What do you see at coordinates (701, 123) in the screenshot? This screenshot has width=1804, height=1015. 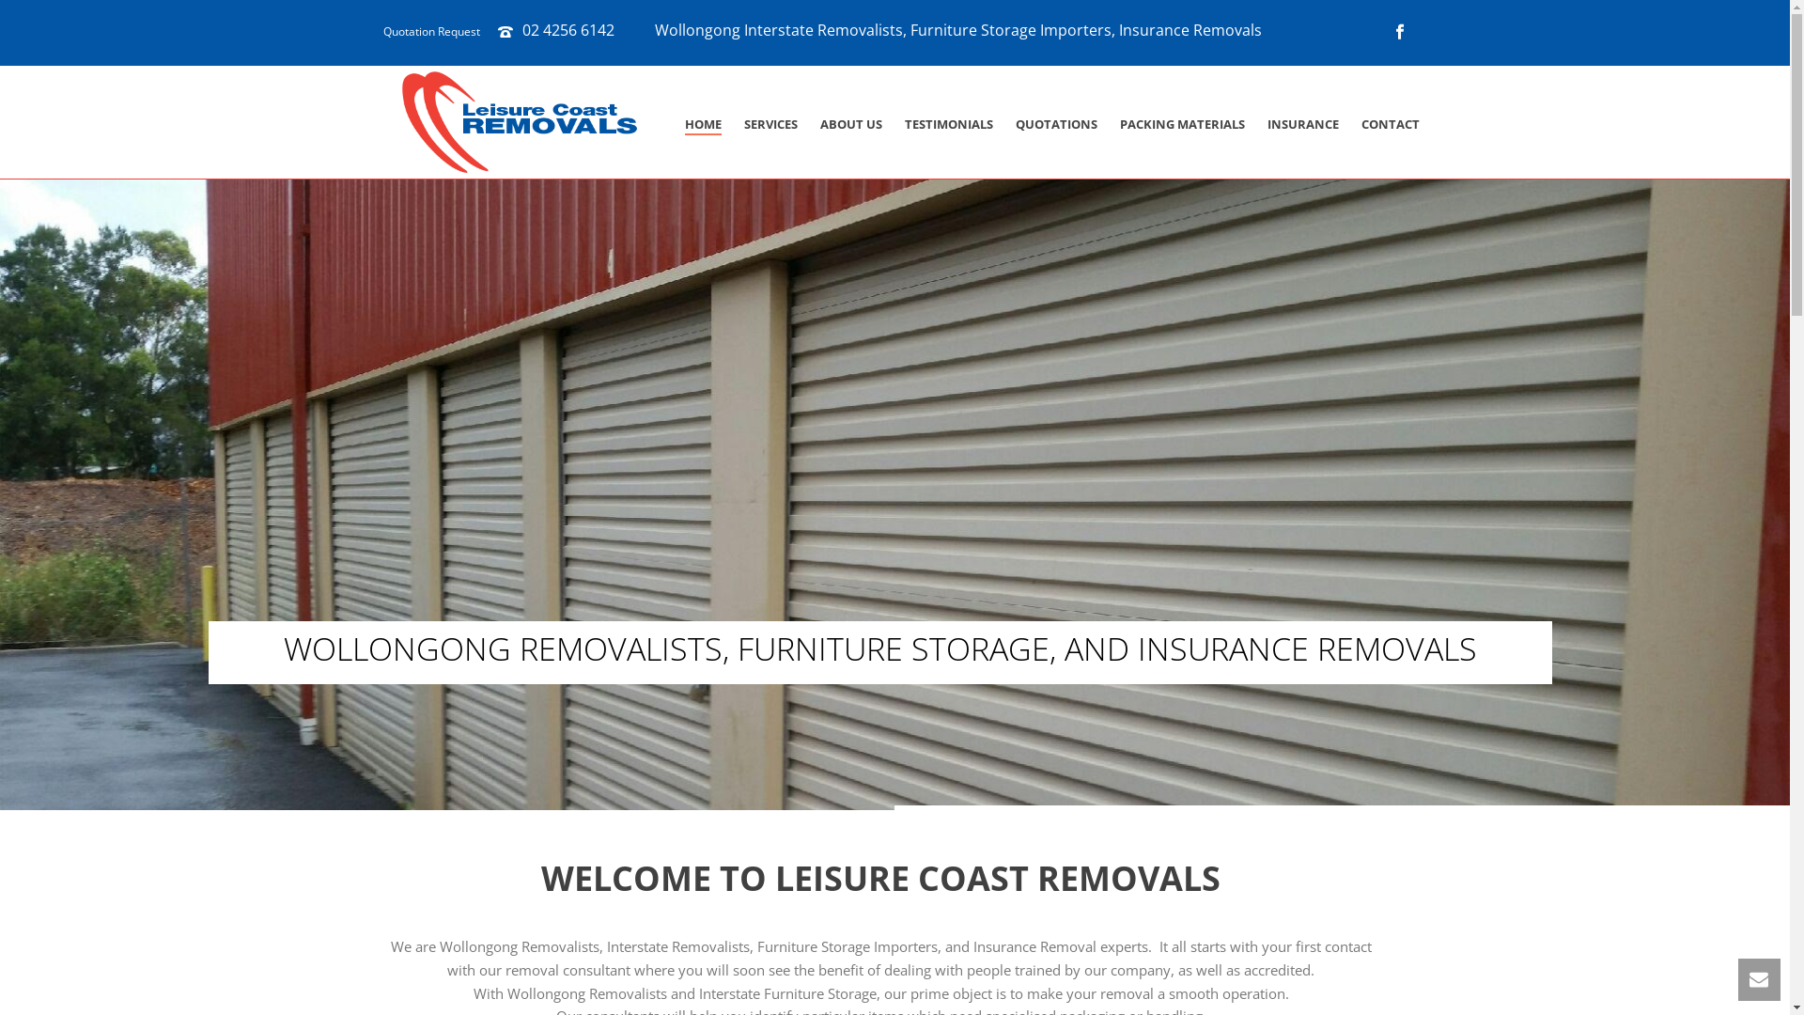 I see `'HOME'` at bounding box center [701, 123].